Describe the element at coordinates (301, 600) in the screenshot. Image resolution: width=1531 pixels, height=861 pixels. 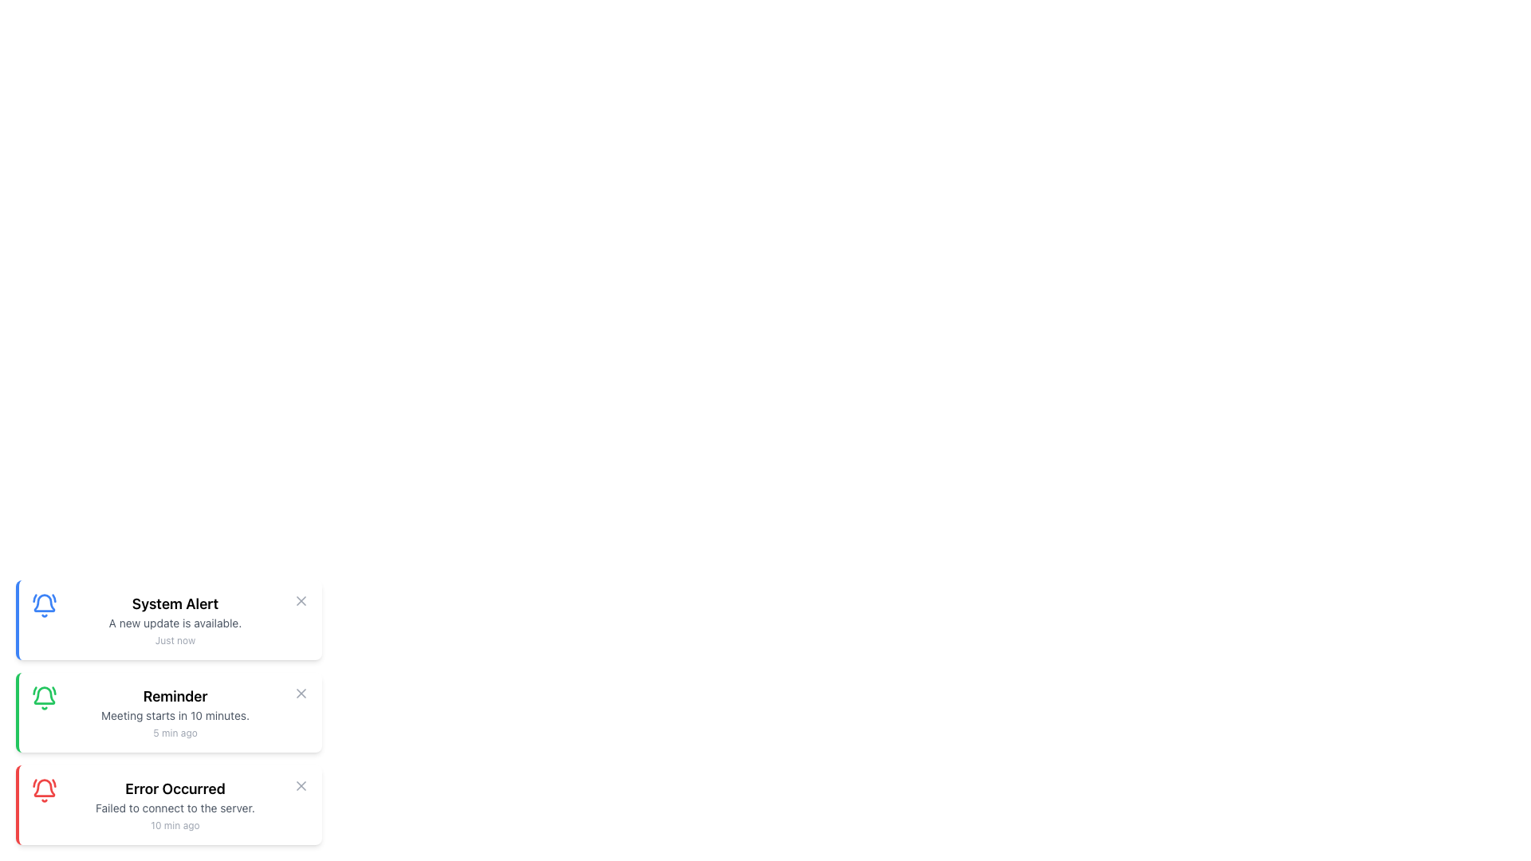
I see `the 'X' icon button in the top-right corner of the 'System Alert' notification card` at that location.